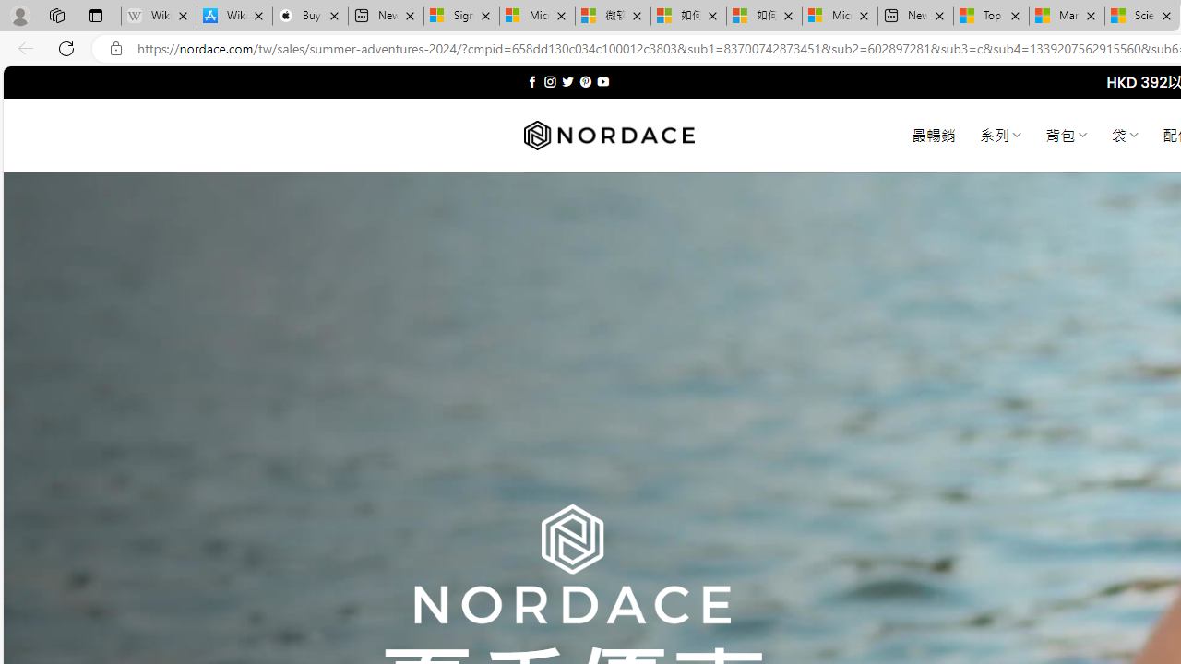 The height and width of the screenshot is (664, 1181). Describe the element at coordinates (95, 15) in the screenshot. I see `'Tab actions menu'` at that location.